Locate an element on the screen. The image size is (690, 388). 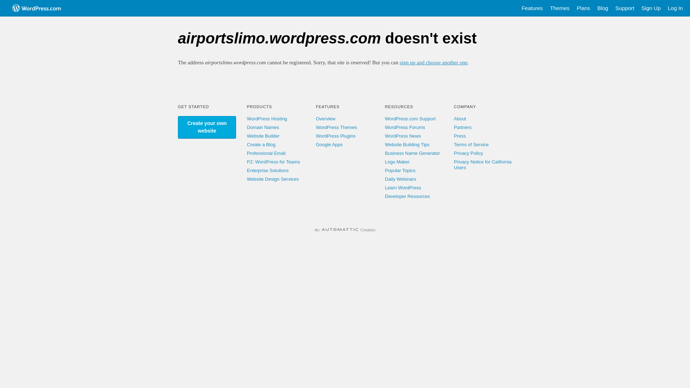
'WordPress News' is located at coordinates (403, 136).